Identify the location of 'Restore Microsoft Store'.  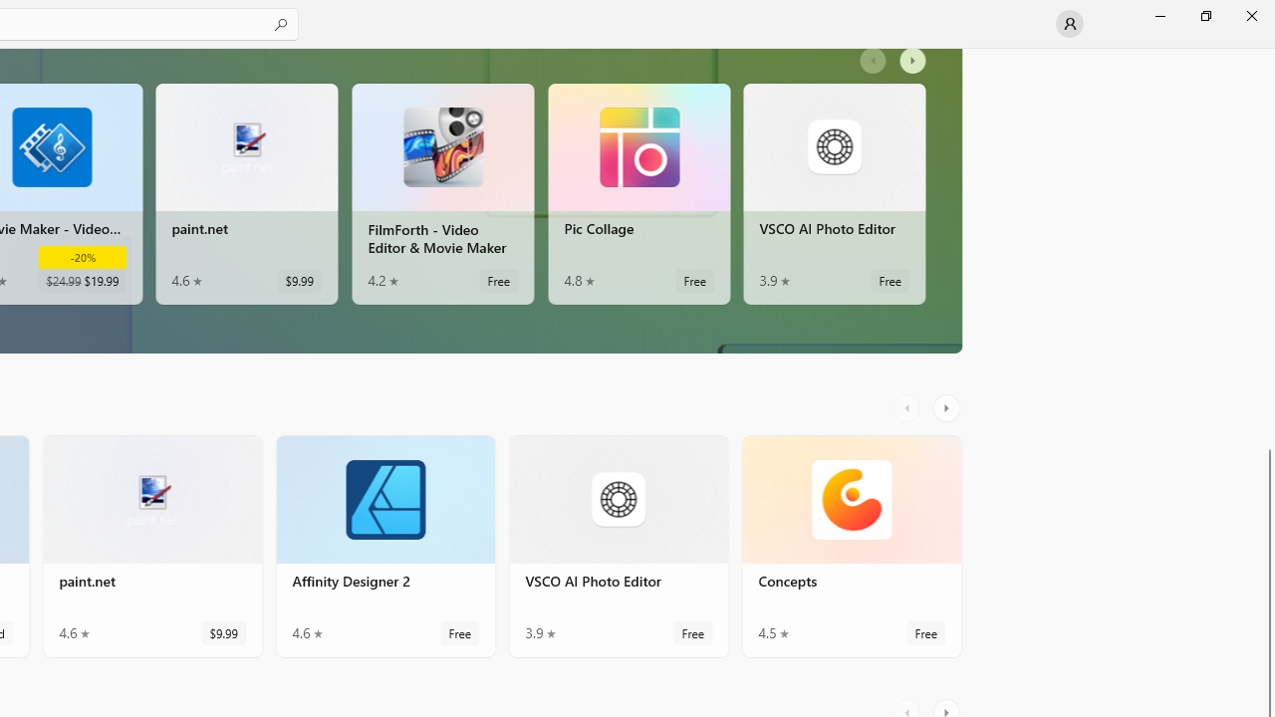
(1204, 15).